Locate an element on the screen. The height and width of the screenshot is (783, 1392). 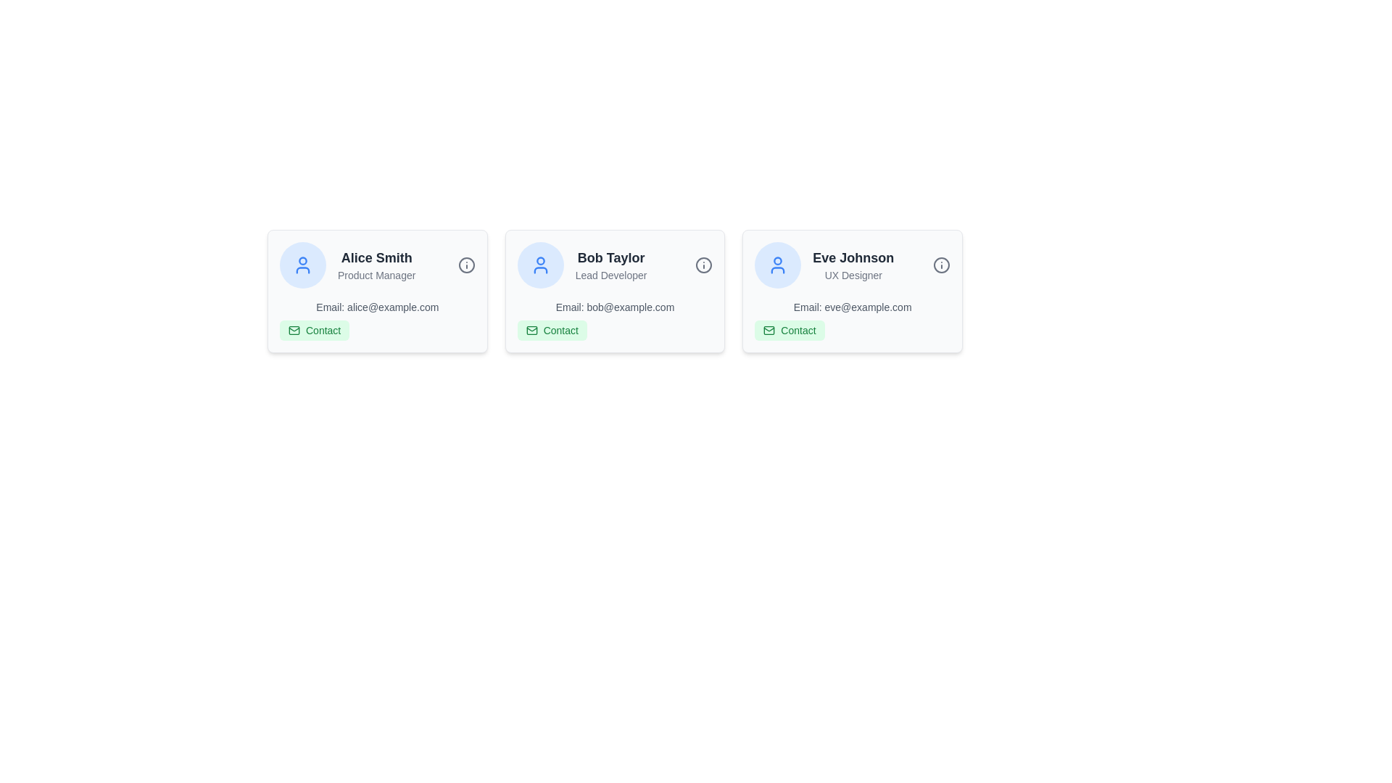
the circular user profile icon with a thin blue outline and white background, located in the second card under the name 'Bob Taylor' is located at coordinates (539, 265).